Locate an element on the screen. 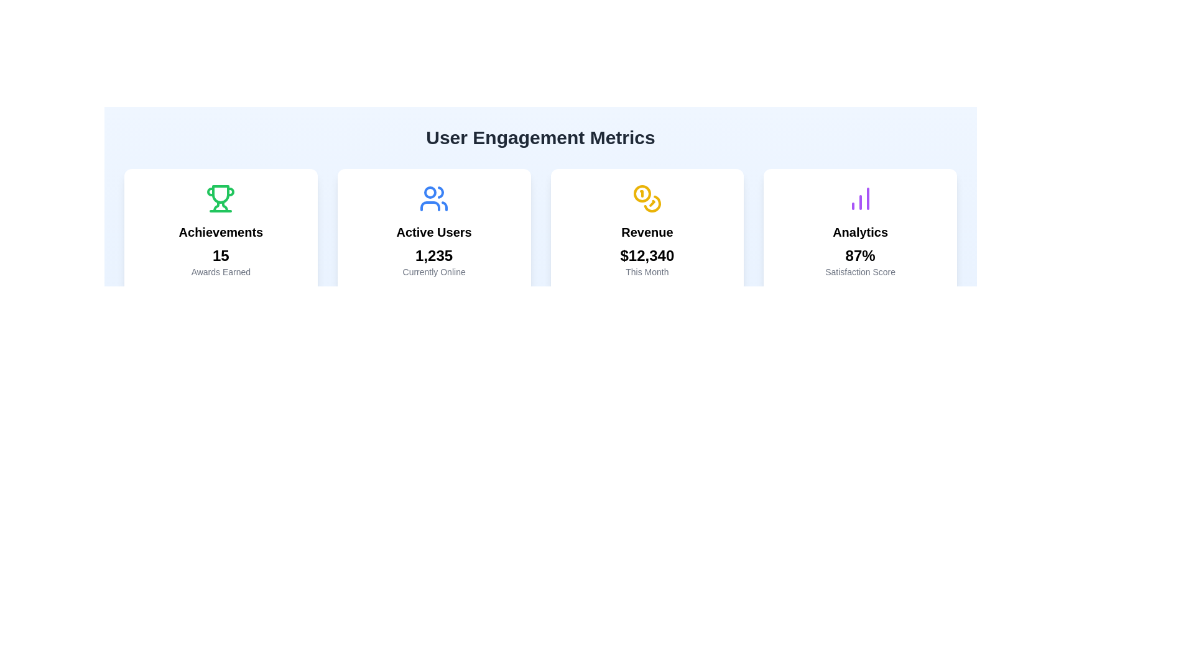  the Text label that describes the satisfaction score metric '87%' in the 'Analytics' card, located in the fourth column of the 'User Engagement Metrics' section is located at coordinates (859, 272).